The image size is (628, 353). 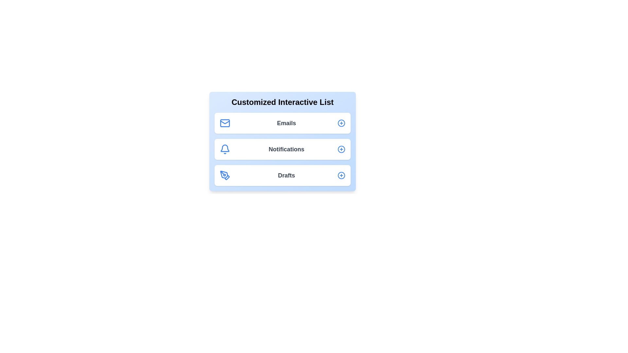 What do you see at coordinates (225, 149) in the screenshot?
I see `the icon representing Notifications in the list` at bounding box center [225, 149].